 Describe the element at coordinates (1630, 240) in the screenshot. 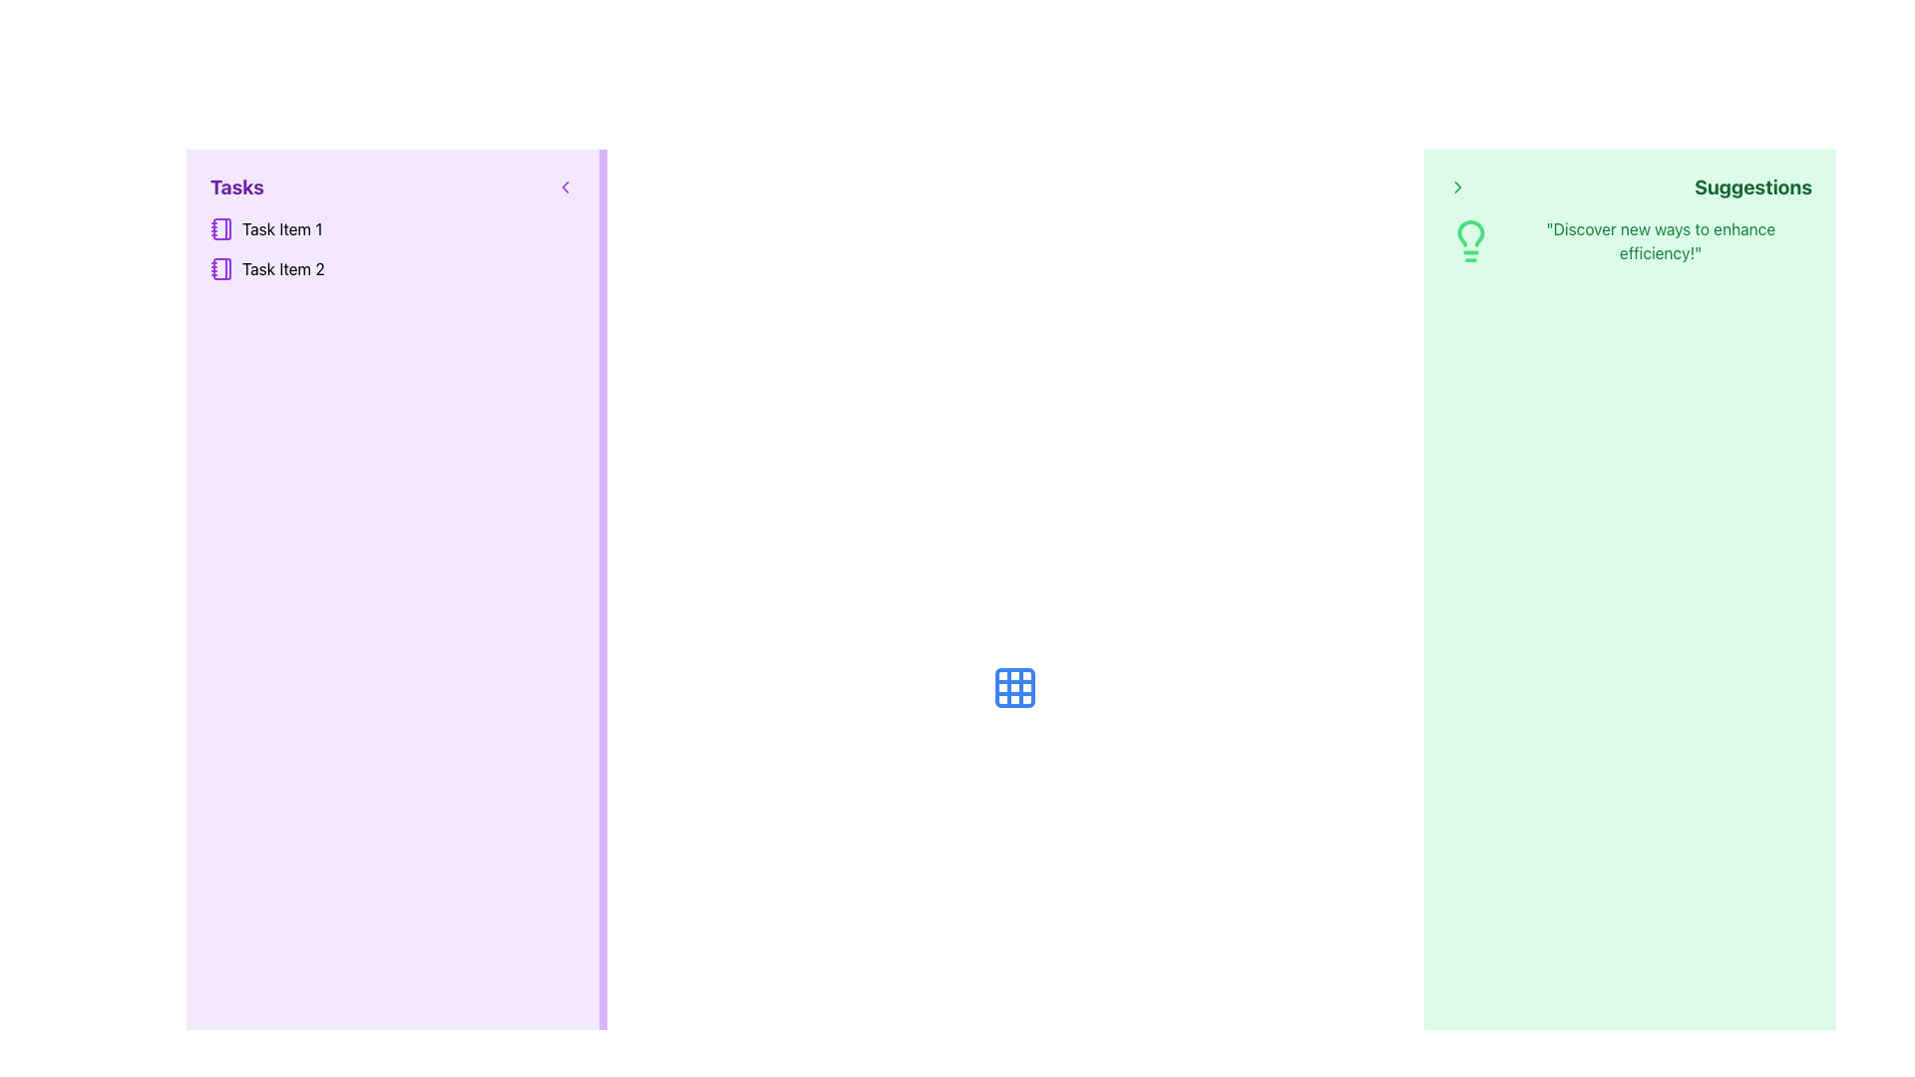

I see `the Informational Label that features a bulb icon and the text 'Discover new ways to enhance efficiency!' located in the 'Suggestions' section of the interface` at that location.